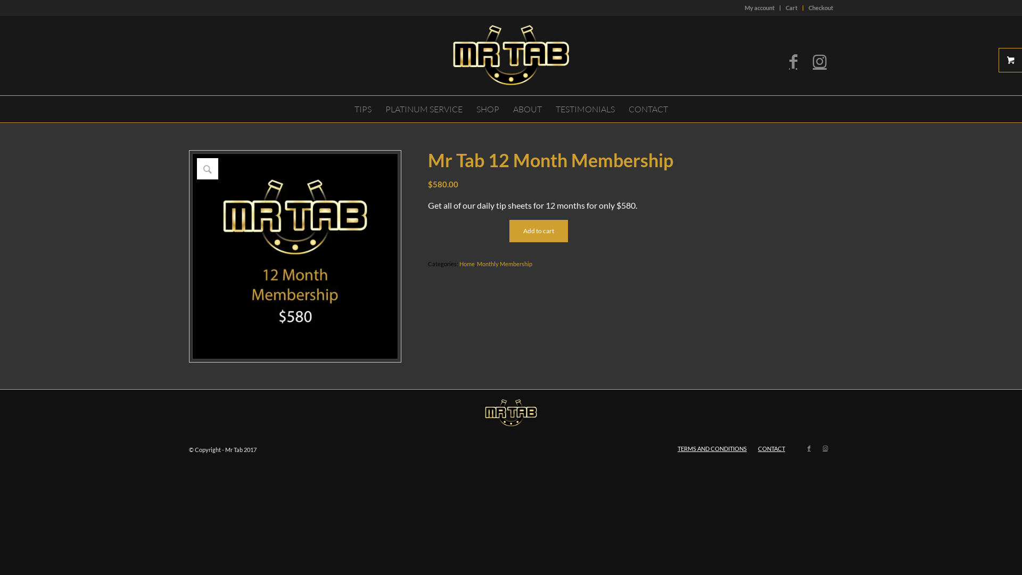 The height and width of the screenshot is (575, 1022). Describe the element at coordinates (487, 109) in the screenshot. I see `'SHOP'` at that location.